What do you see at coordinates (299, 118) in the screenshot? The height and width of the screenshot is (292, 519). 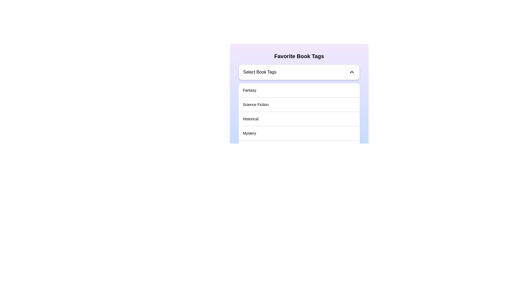 I see `to select the 'Historical' tag from the dropdown menu, which is the third item under 'Select Book Tags'` at bounding box center [299, 118].